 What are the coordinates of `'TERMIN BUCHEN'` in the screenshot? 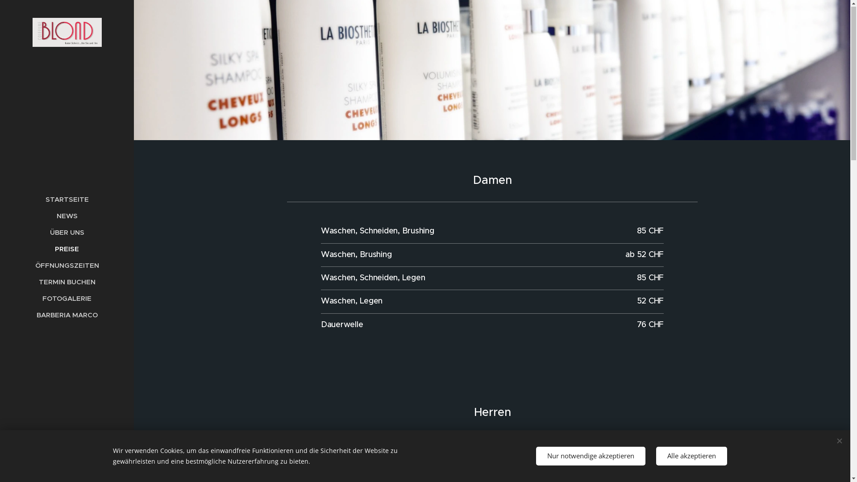 It's located at (66, 282).